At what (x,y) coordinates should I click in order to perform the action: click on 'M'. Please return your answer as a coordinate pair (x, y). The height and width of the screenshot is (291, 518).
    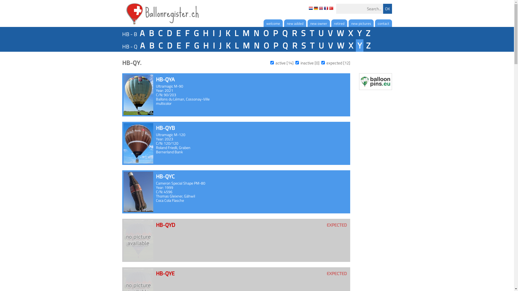
    Looking at the image, I should click on (246, 45).